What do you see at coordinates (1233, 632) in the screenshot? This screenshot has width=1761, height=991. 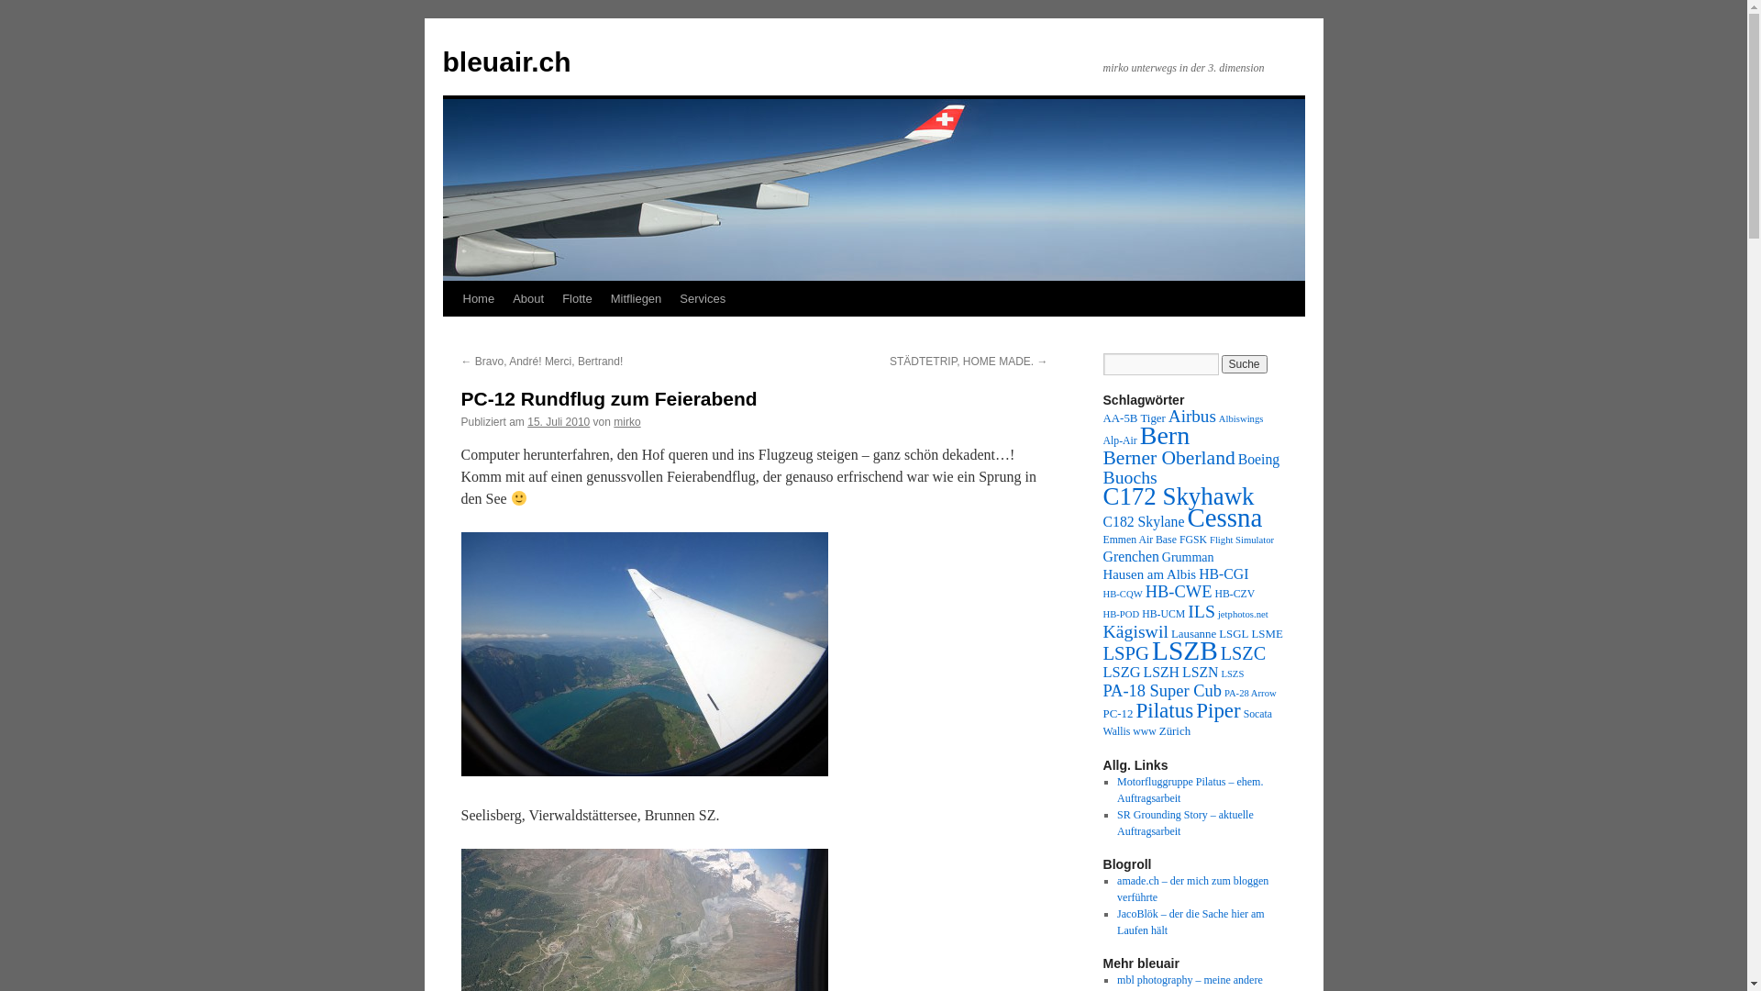 I see `'LSGL'` at bounding box center [1233, 632].